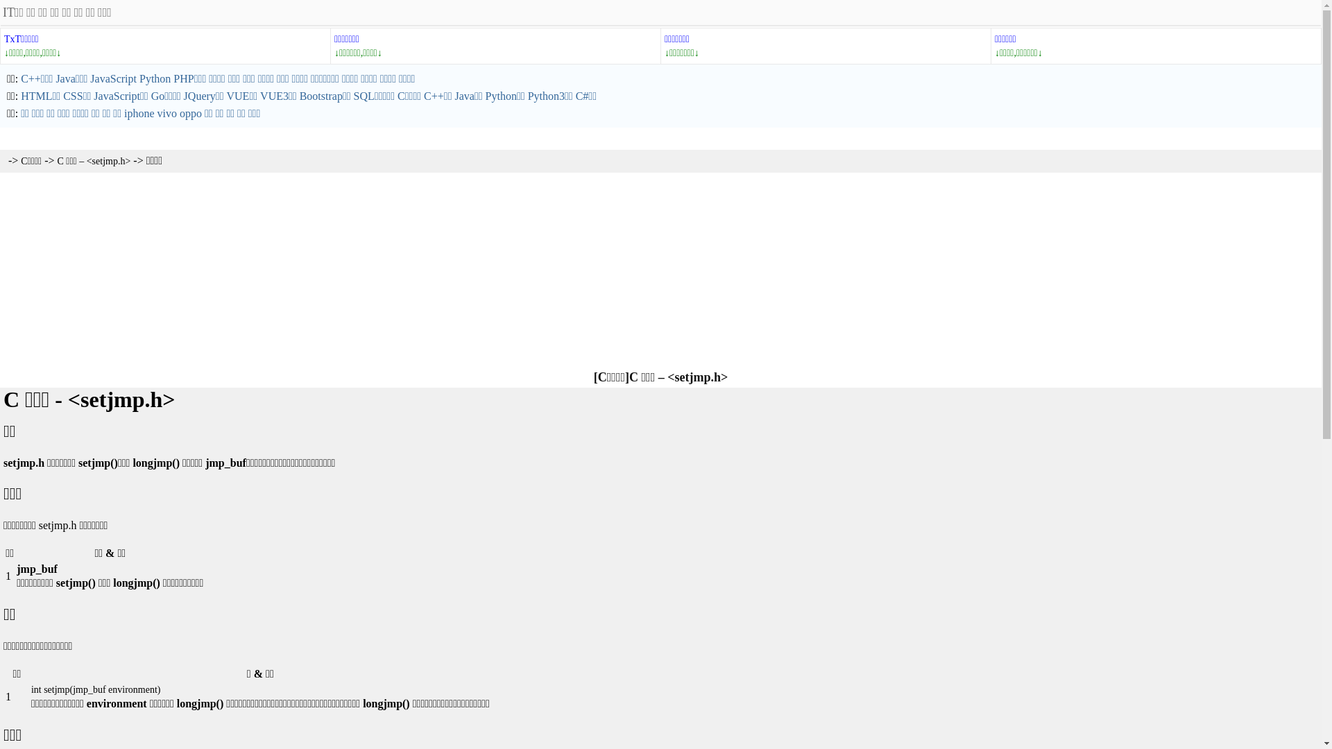  What do you see at coordinates (139, 112) in the screenshot?
I see `'iphone'` at bounding box center [139, 112].